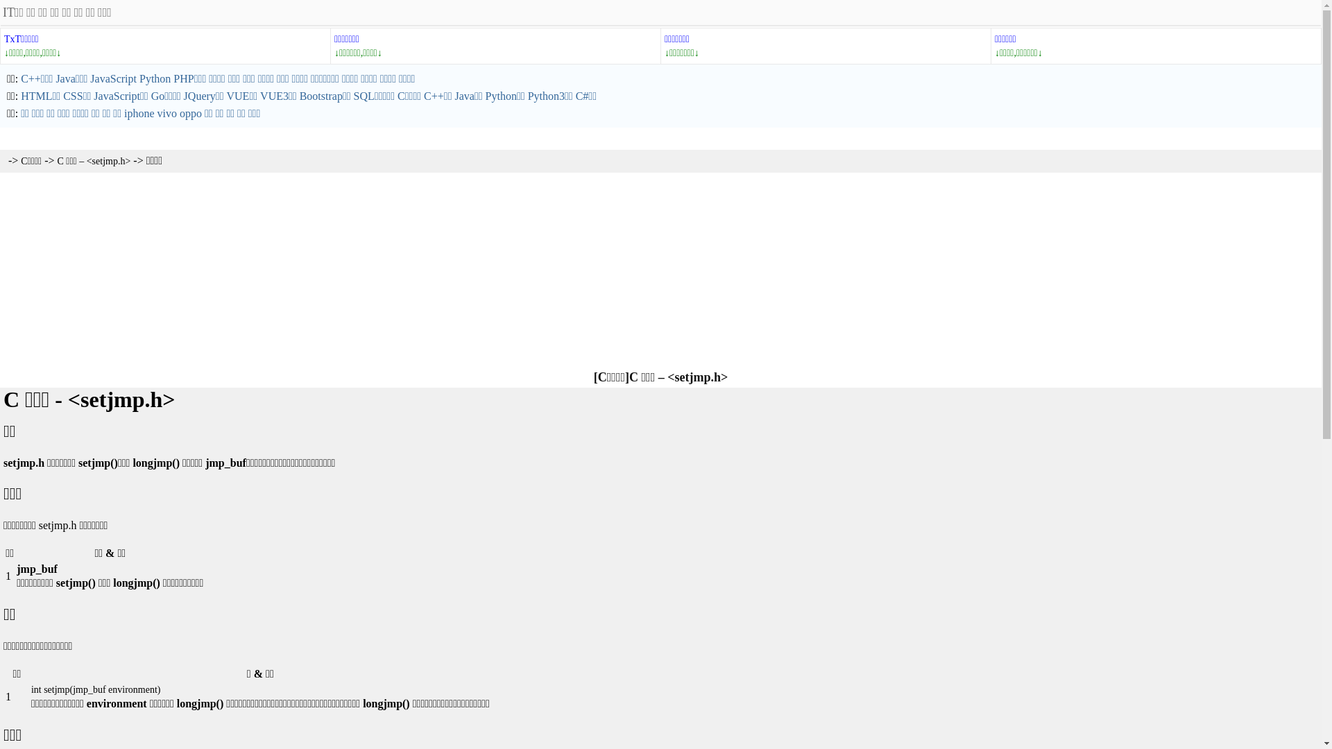  What do you see at coordinates (139, 112) in the screenshot?
I see `'iphone'` at bounding box center [139, 112].